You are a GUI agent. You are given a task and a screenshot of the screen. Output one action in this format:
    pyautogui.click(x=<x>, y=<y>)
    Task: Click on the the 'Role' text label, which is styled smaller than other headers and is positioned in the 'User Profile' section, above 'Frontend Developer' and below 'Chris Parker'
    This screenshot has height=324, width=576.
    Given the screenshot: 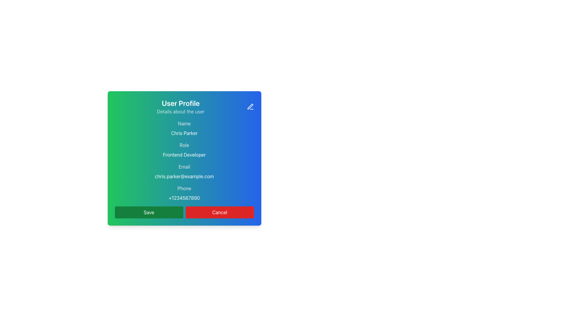 What is the action you would take?
    pyautogui.click(x=184, y=145)
    